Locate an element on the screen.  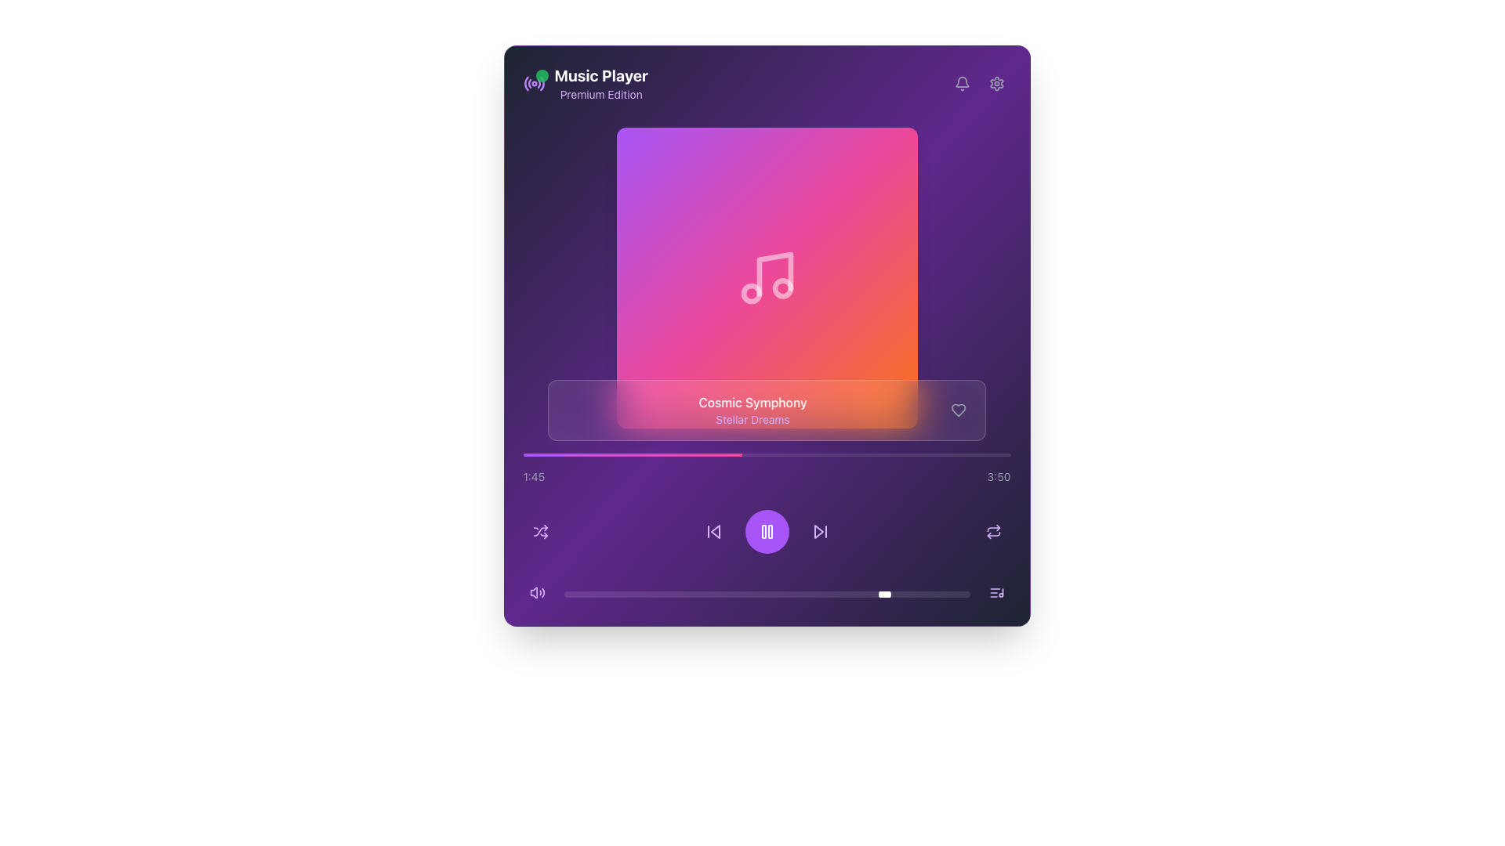
the back button icon in the media control section of the music player interface for keyboard interaction is located at coordinates (713, 530).